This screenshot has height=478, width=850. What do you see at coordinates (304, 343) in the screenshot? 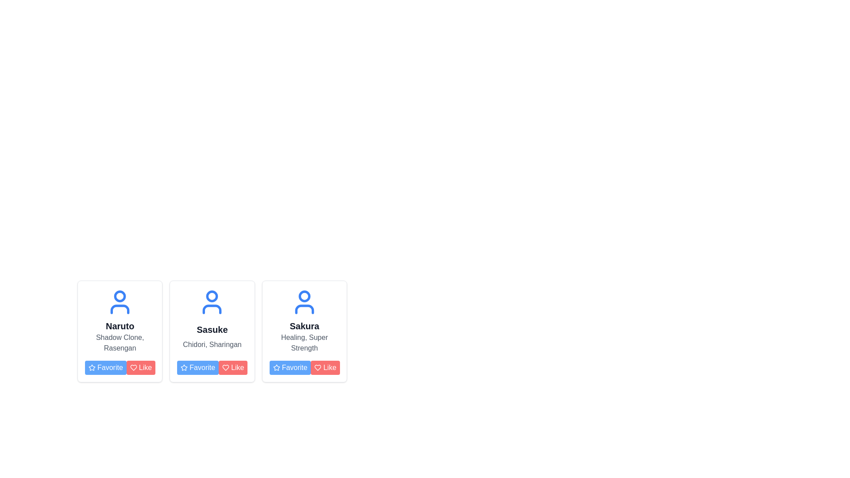
I see `the static text label displaying 'Healing, Super Strength', which is located below the name 'Sakura' in the third card and above the 'Favorite' and 'Like' buttons` at bounding box center [304, 343].